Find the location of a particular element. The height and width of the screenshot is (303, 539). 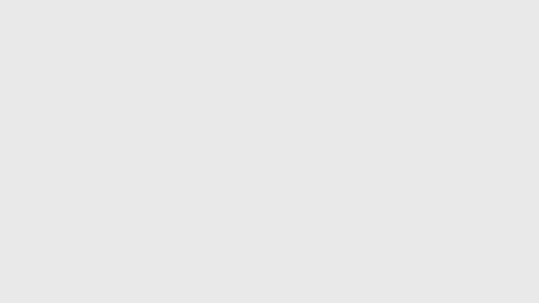

Details is located at coordinates (132, 76).